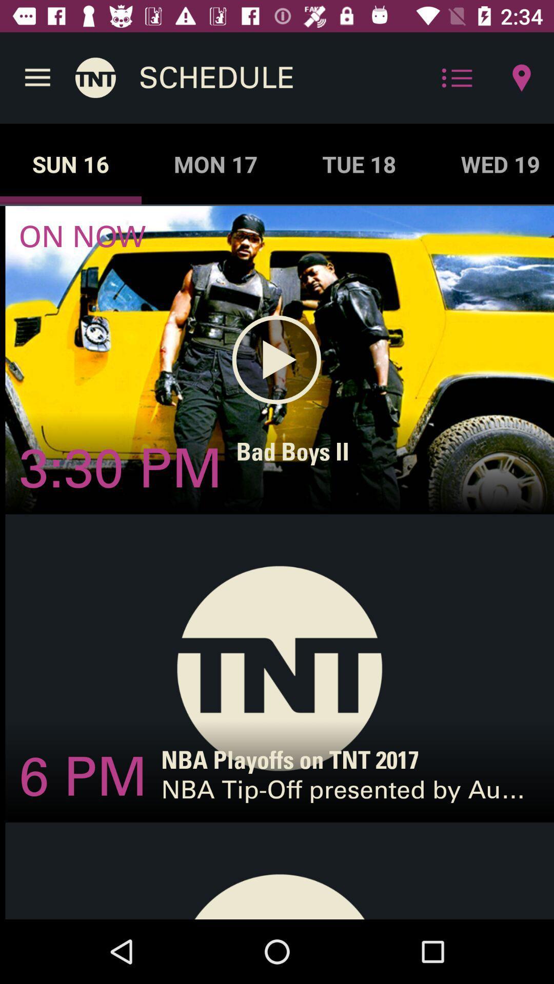 The width and height of the screenshot is (554, 984). What do you see at coordinates (522, 77) in the screenshot?
I see `location icon` at bounding box center [522, 77].